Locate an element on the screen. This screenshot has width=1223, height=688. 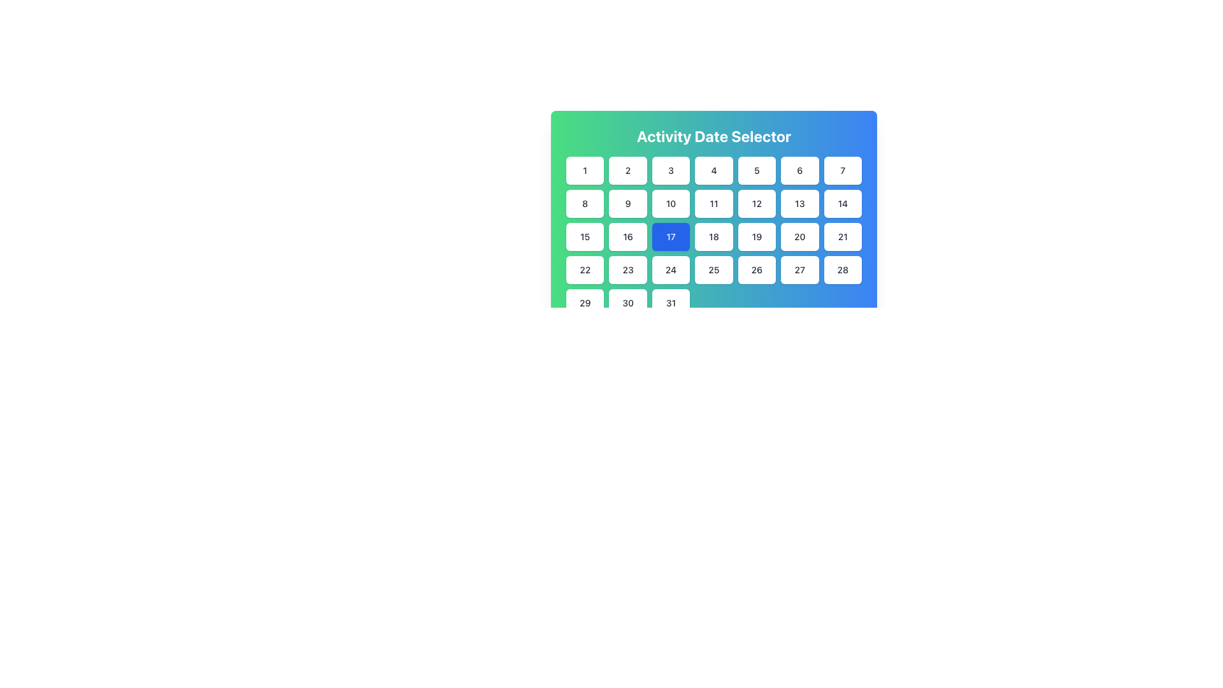
the rounded square button containing the number '12' is located at coordinates (757, 203).